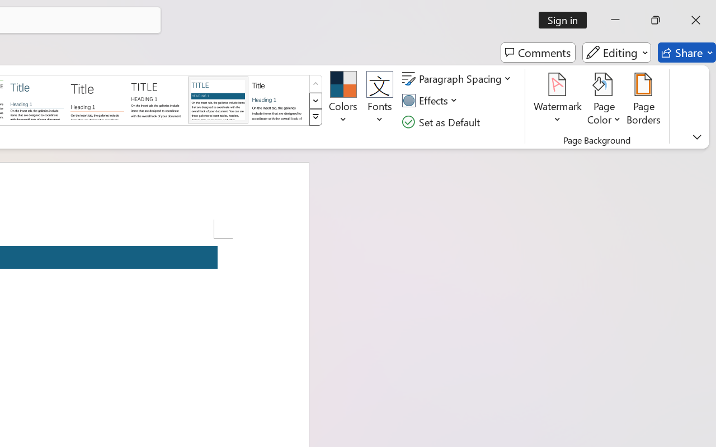  Describe the element at coordinates (644, 100) in the screenshot. I see `'Page Borders...'` at that location.